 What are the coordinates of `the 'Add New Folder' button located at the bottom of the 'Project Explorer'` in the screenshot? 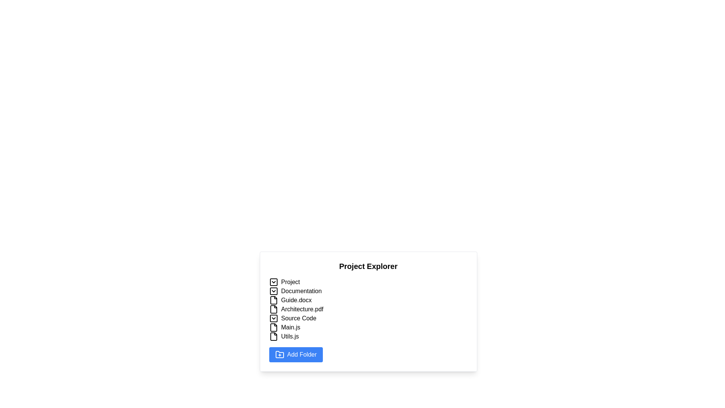 It's located at (295, 354).